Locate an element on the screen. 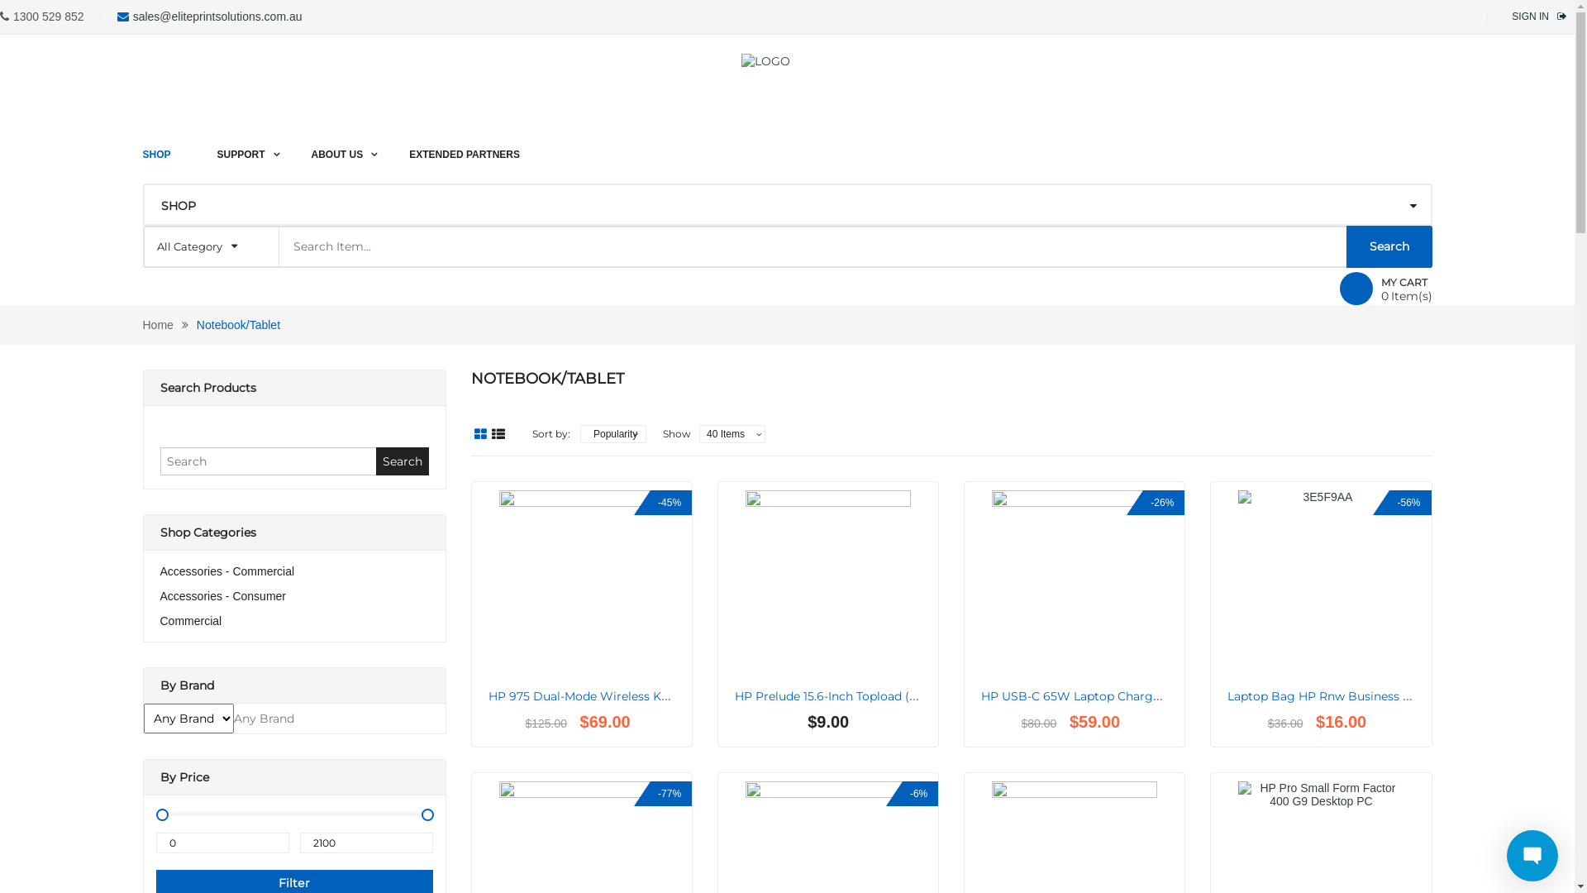  'HP Prelude 15.6-Inch Topload (1E7D7AA)' is located at coordinates (849, 695).